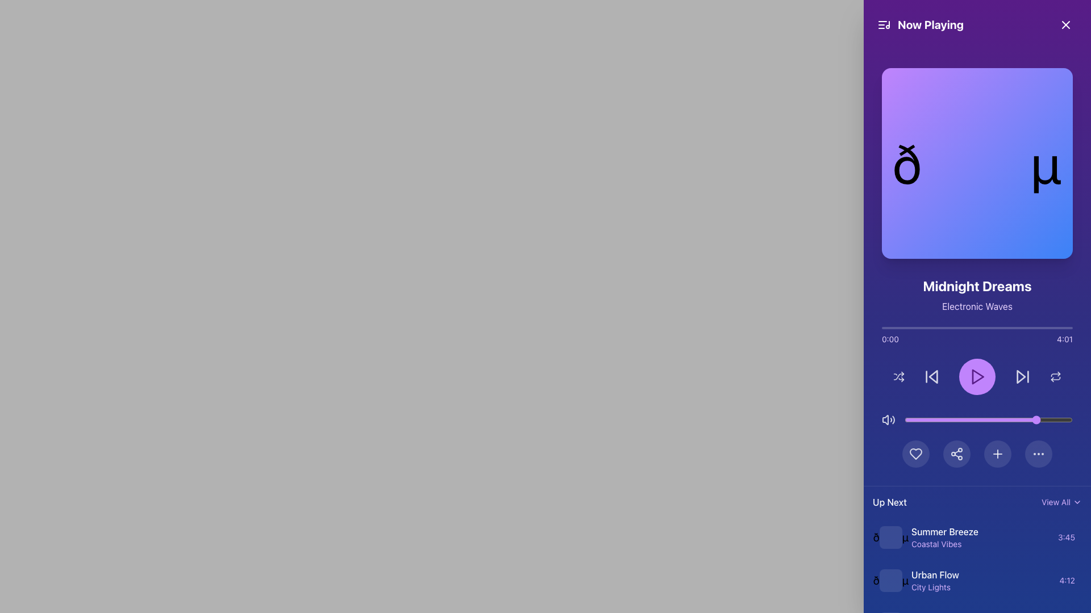 The image size is (1091, 613). Describe the element at coordinates (930, 24) in the screenshot. I see `'Now Playing' text label displayed in bold white on a purple background, positioned near the top of the right sidebar` at that location.